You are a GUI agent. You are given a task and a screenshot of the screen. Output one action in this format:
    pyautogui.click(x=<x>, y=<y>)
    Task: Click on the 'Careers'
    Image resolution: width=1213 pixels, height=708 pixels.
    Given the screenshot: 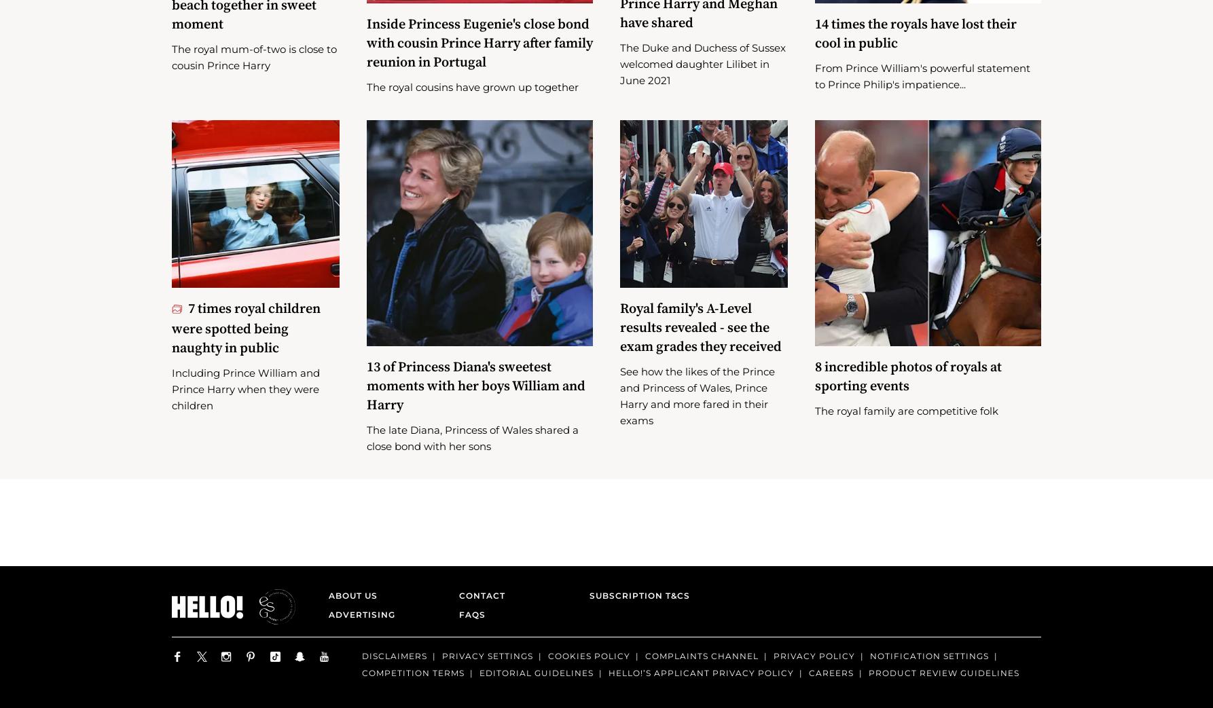 What is the action you would take?
    pyautogui.click(x=831, y=693)
    